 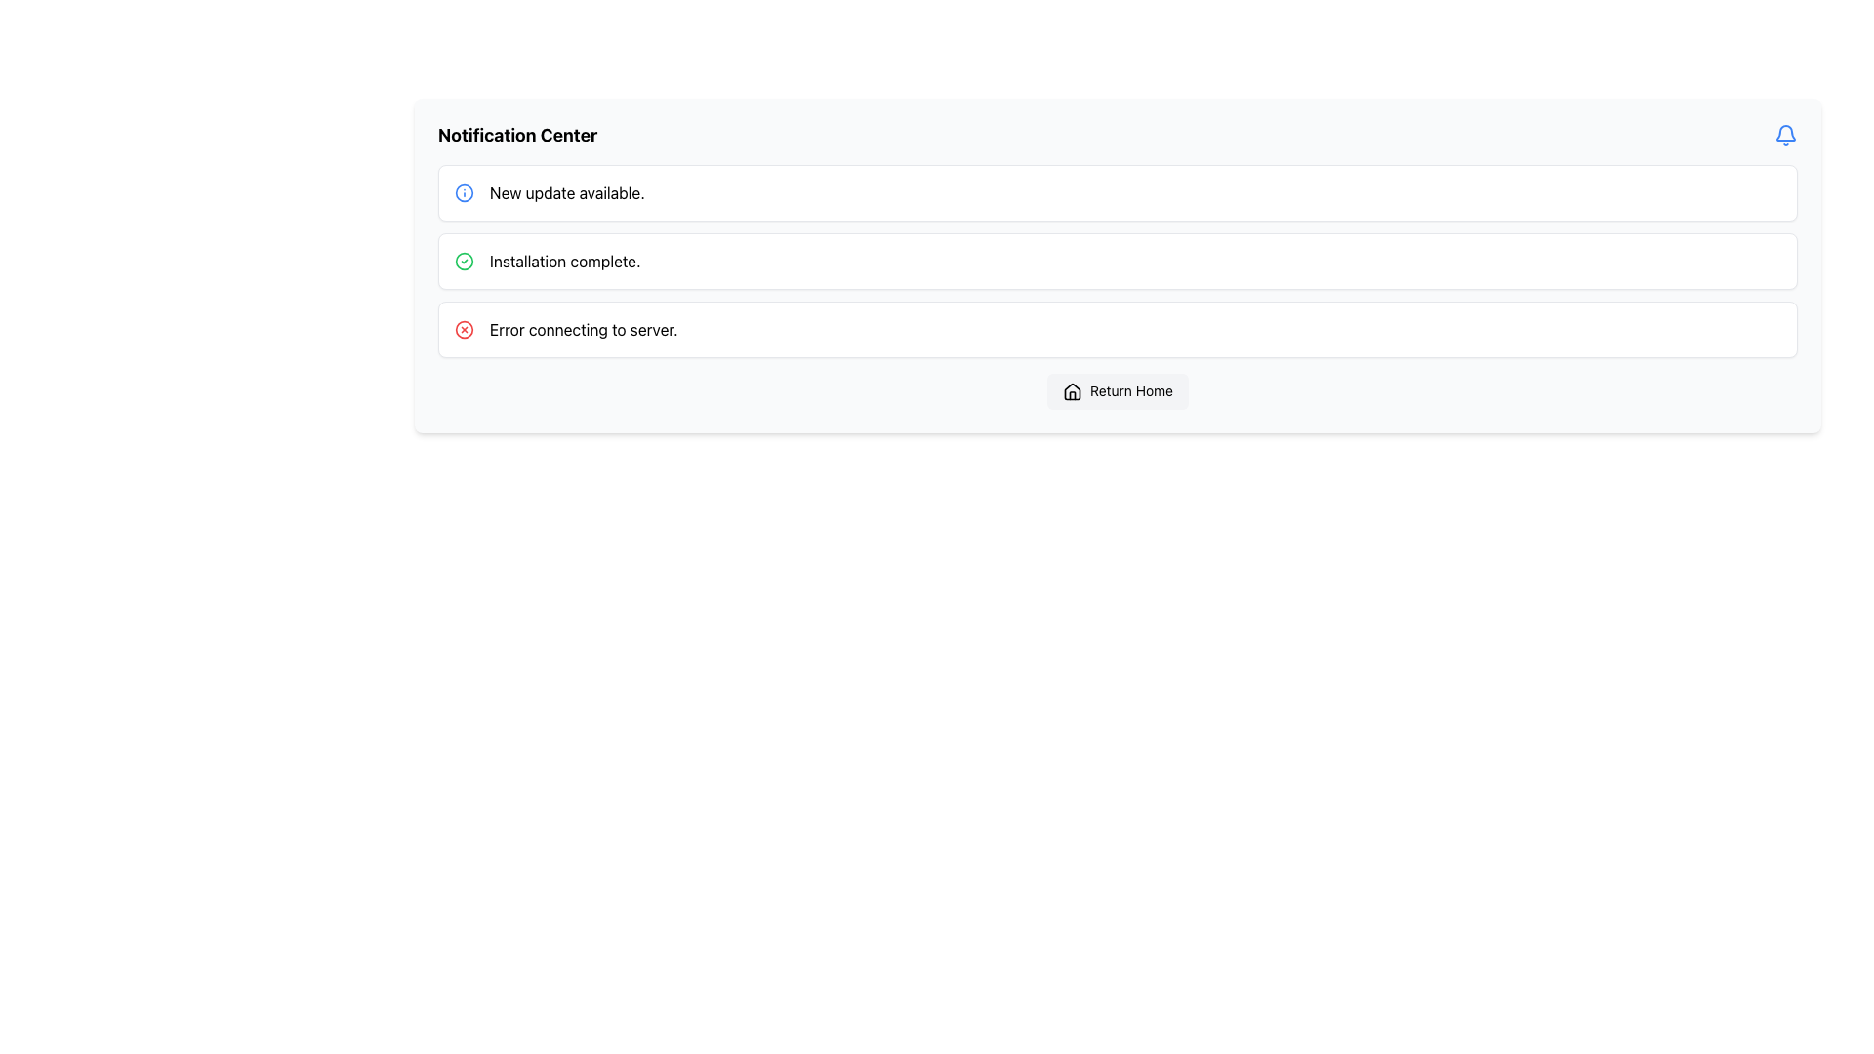 What do you see at coordinates (1072, 392) in the screenshot?
I see `the home icon located to the left of the 'Return Home' text within the button, which serves as a visual cue for the button's purpose` at bounding box center [1072, 392].